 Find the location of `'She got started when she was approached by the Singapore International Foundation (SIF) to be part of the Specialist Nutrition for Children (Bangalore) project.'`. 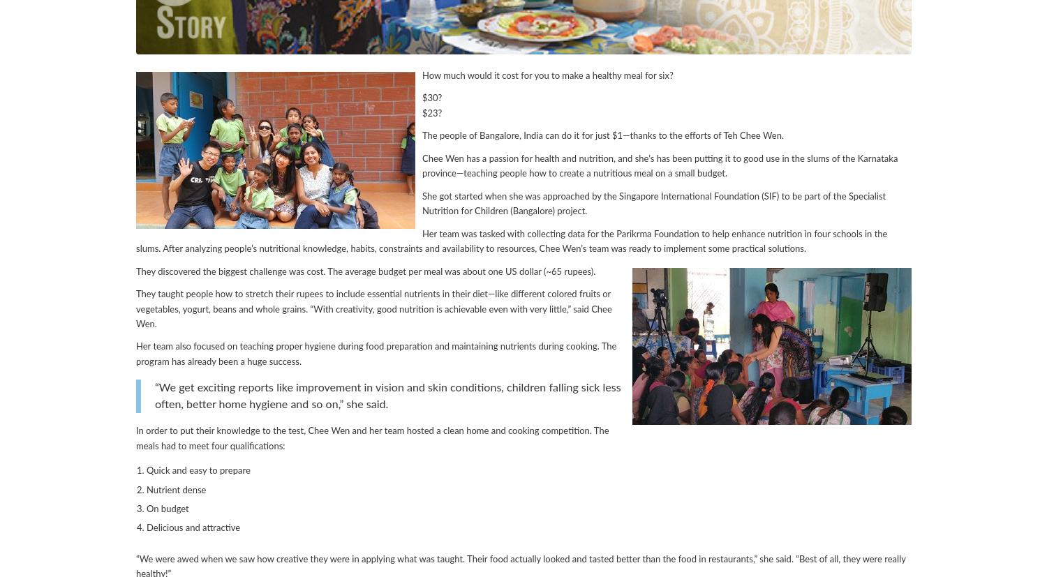

'She got started when she was approached by the Singapore International Foundation (SIF) to be part of the Specialist Nutrition for Children (Bangalore) project.' is located at coordinates (654, 203).